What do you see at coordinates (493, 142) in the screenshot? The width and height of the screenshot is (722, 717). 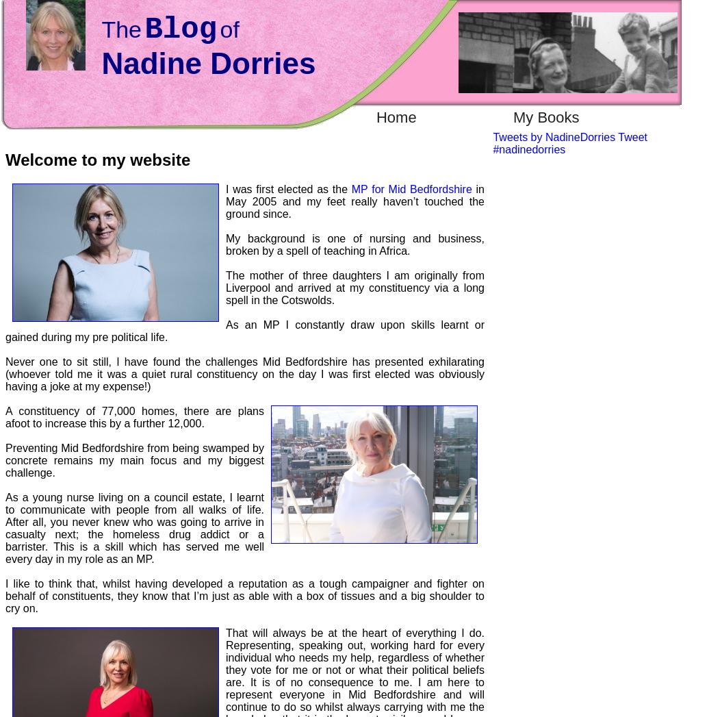 I see `'Tweet #nadinedorries'` at bounding box center [493, 142].